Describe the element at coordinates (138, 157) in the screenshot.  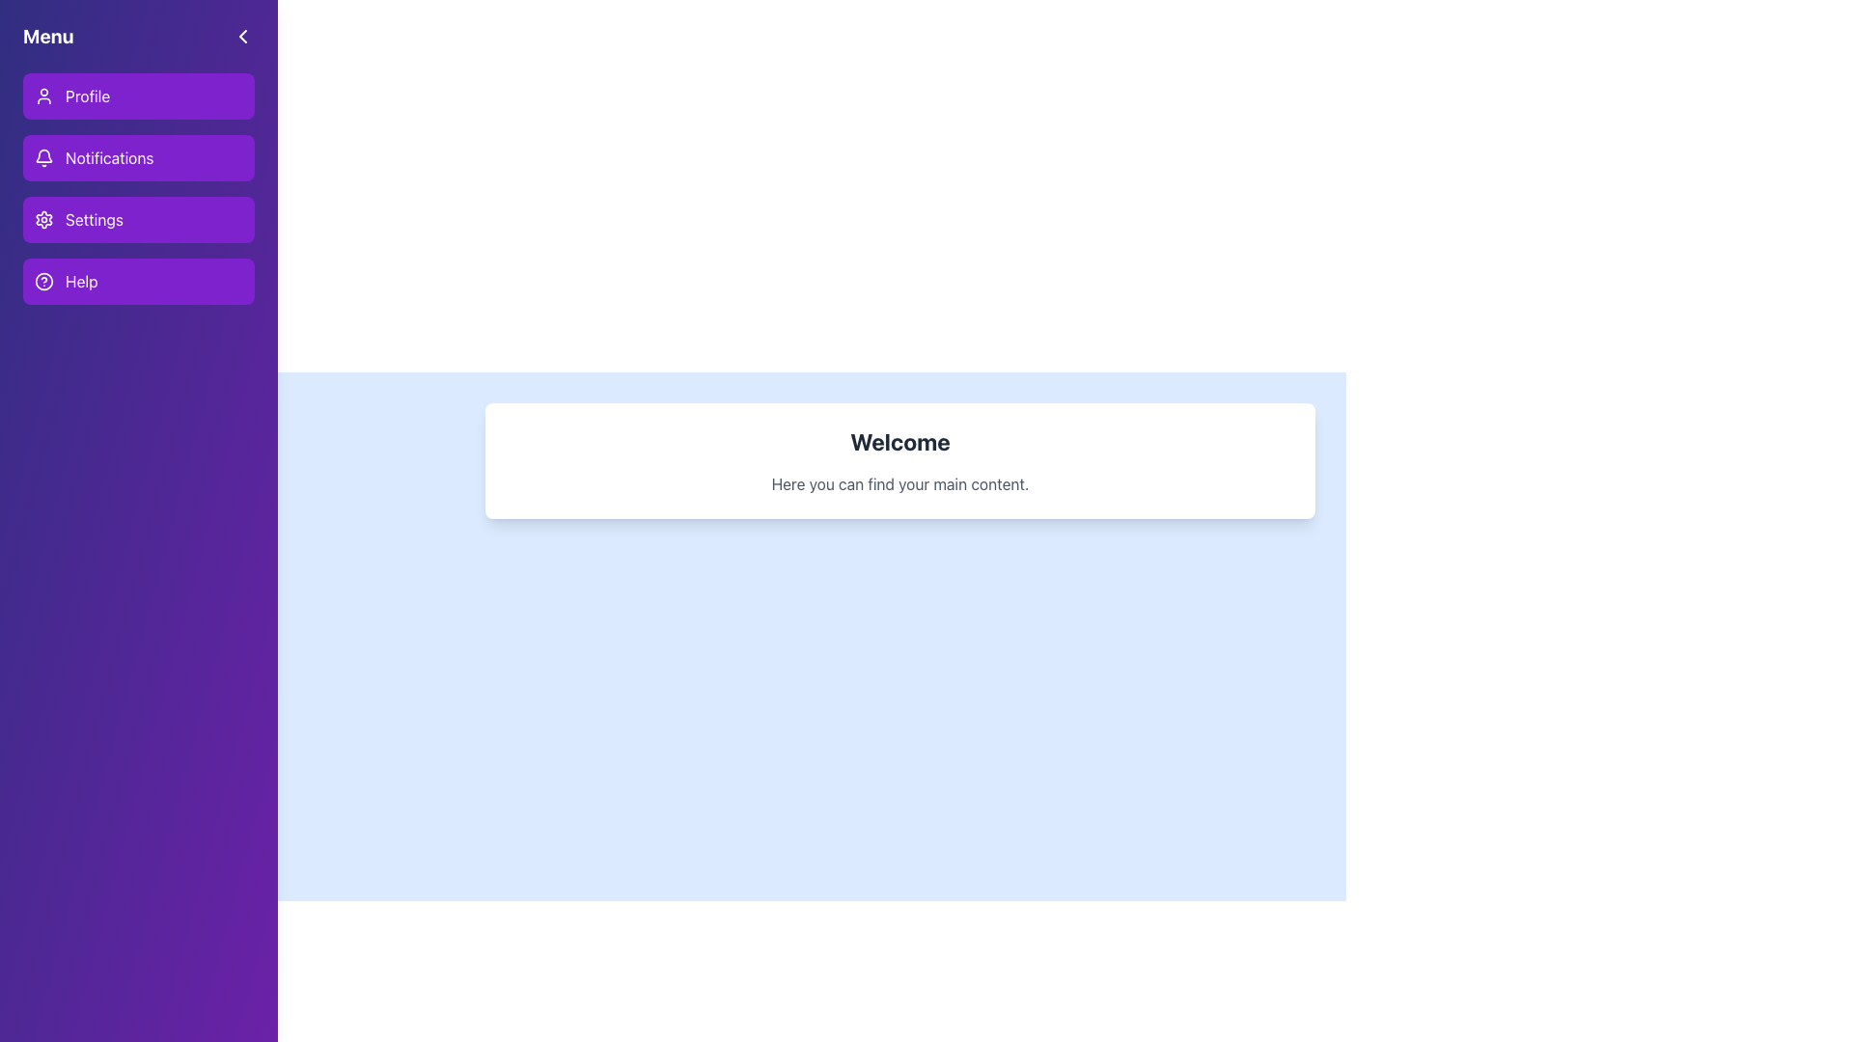
I see `the 'Notifications' button with a purple background and bell icon` at that location.